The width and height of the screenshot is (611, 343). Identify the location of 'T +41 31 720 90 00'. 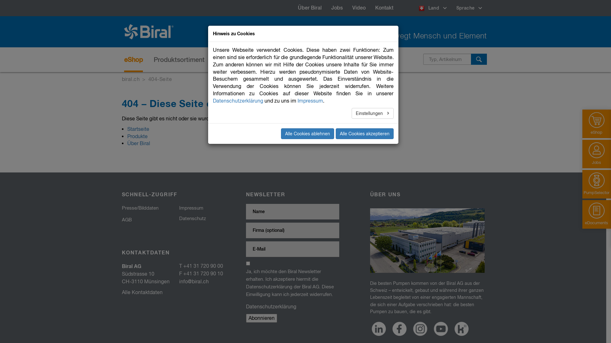
(200, 266).